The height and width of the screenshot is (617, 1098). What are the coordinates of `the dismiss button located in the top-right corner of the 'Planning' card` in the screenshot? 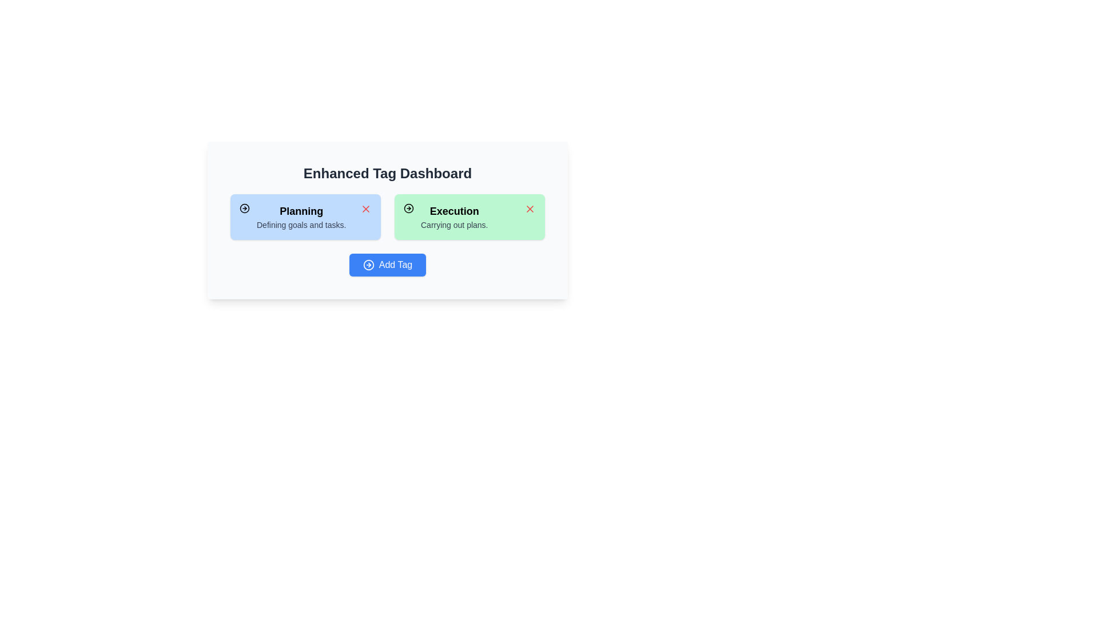 It's located at (365, 209).